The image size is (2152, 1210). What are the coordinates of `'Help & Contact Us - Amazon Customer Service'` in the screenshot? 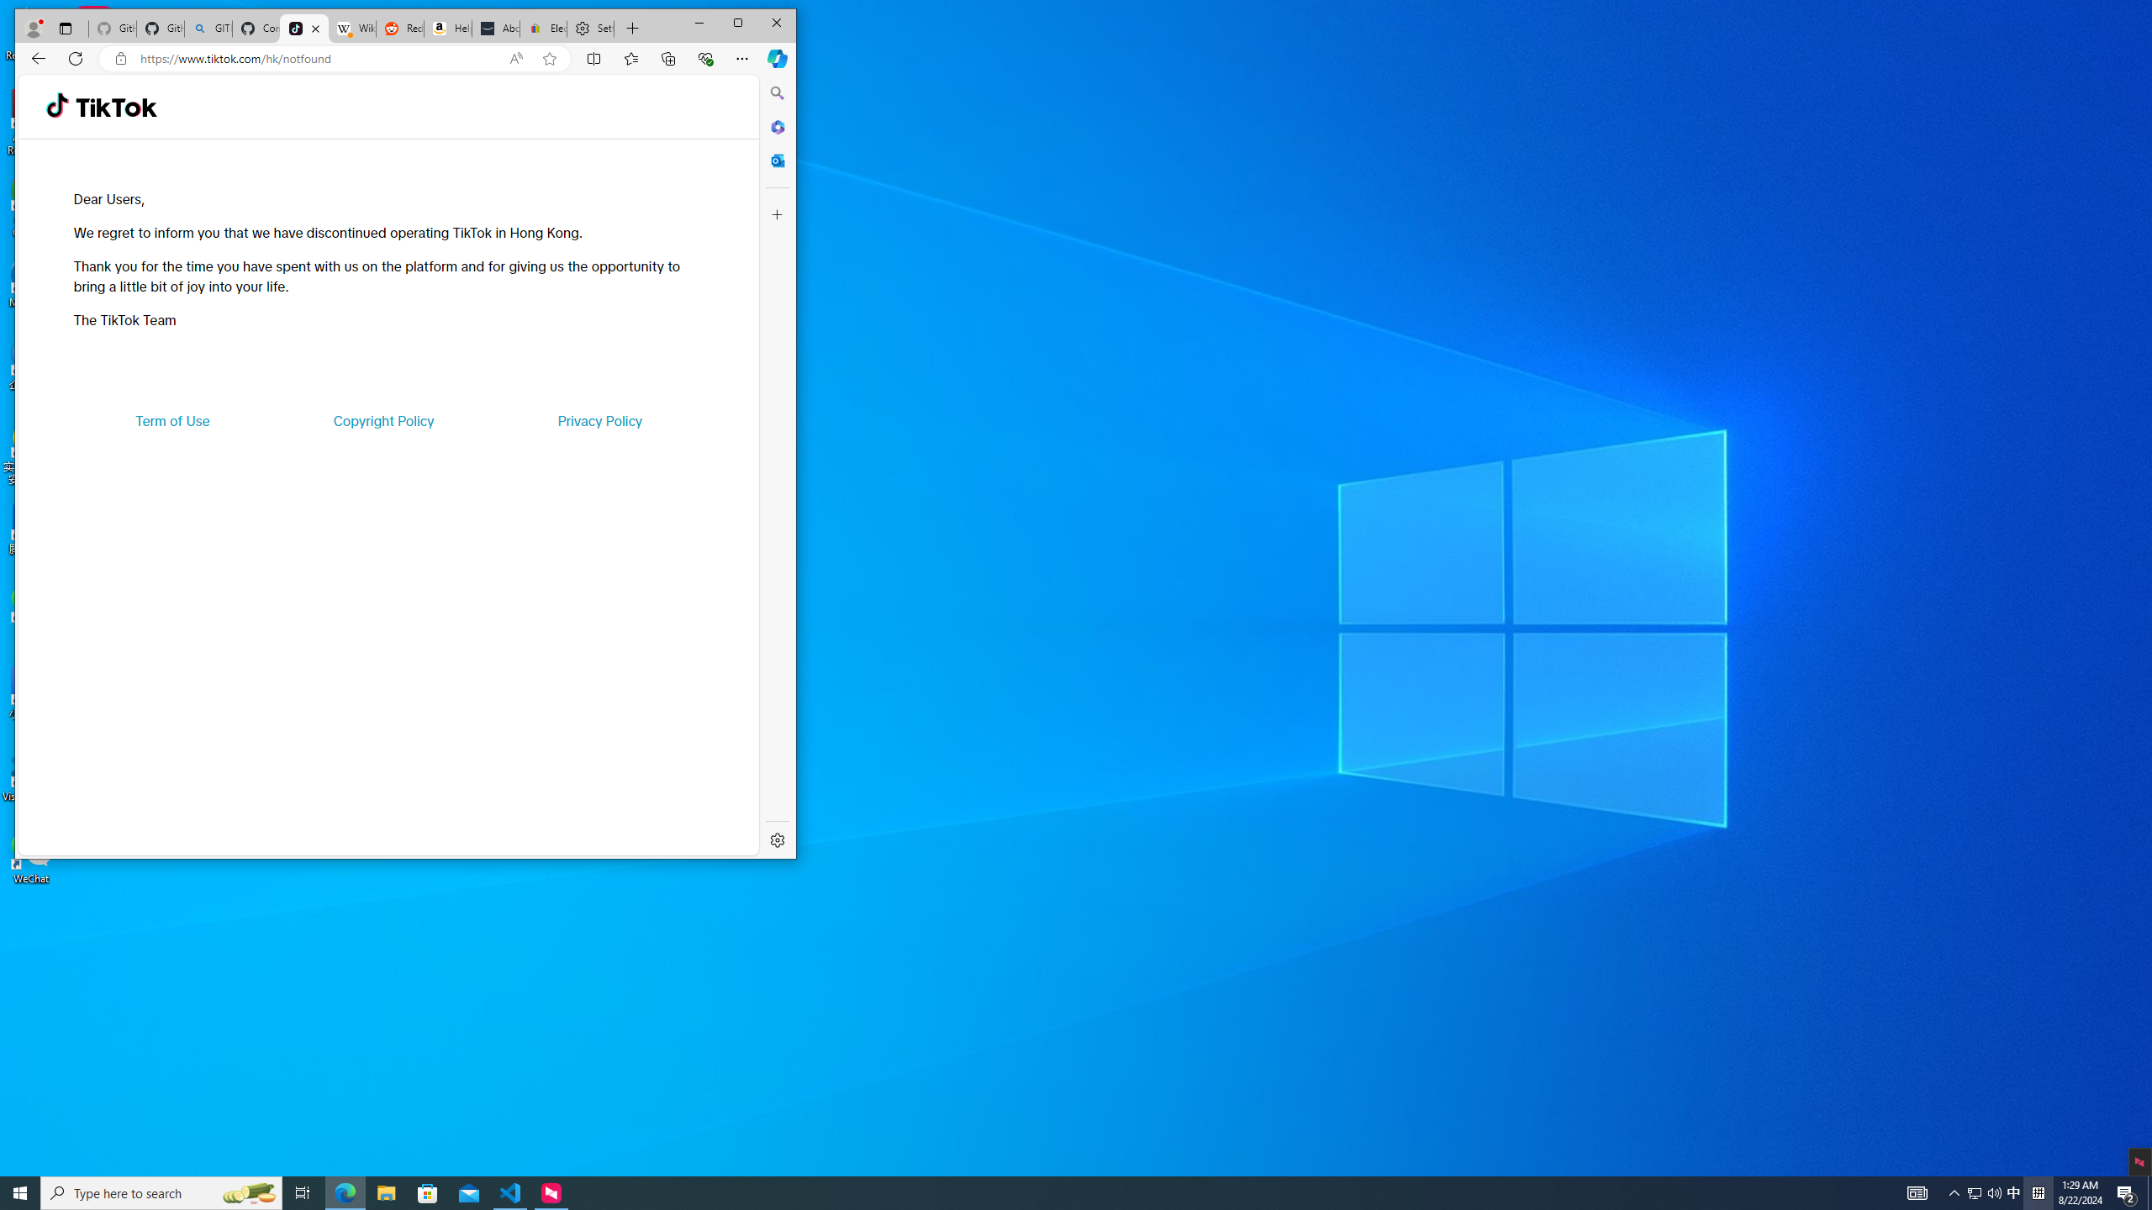 It's located at (448, 29).